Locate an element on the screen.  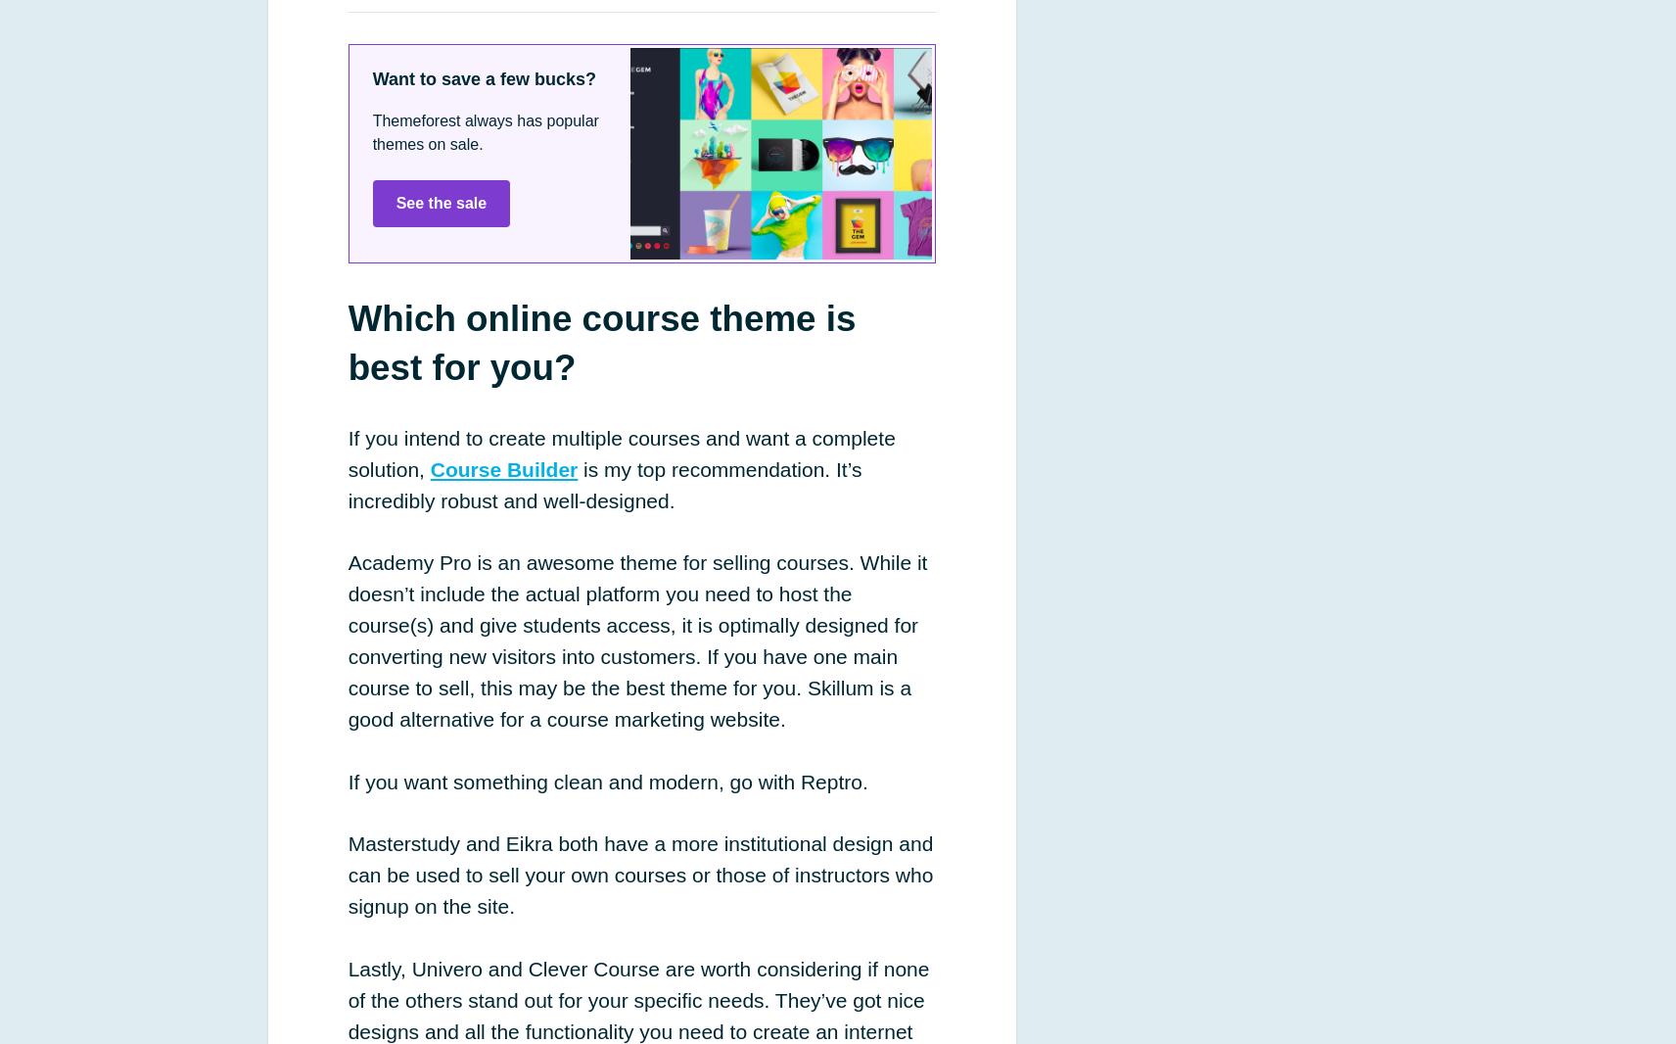
'Themeforest always has popular themes on sale.' is located at coordinates (484, 130).